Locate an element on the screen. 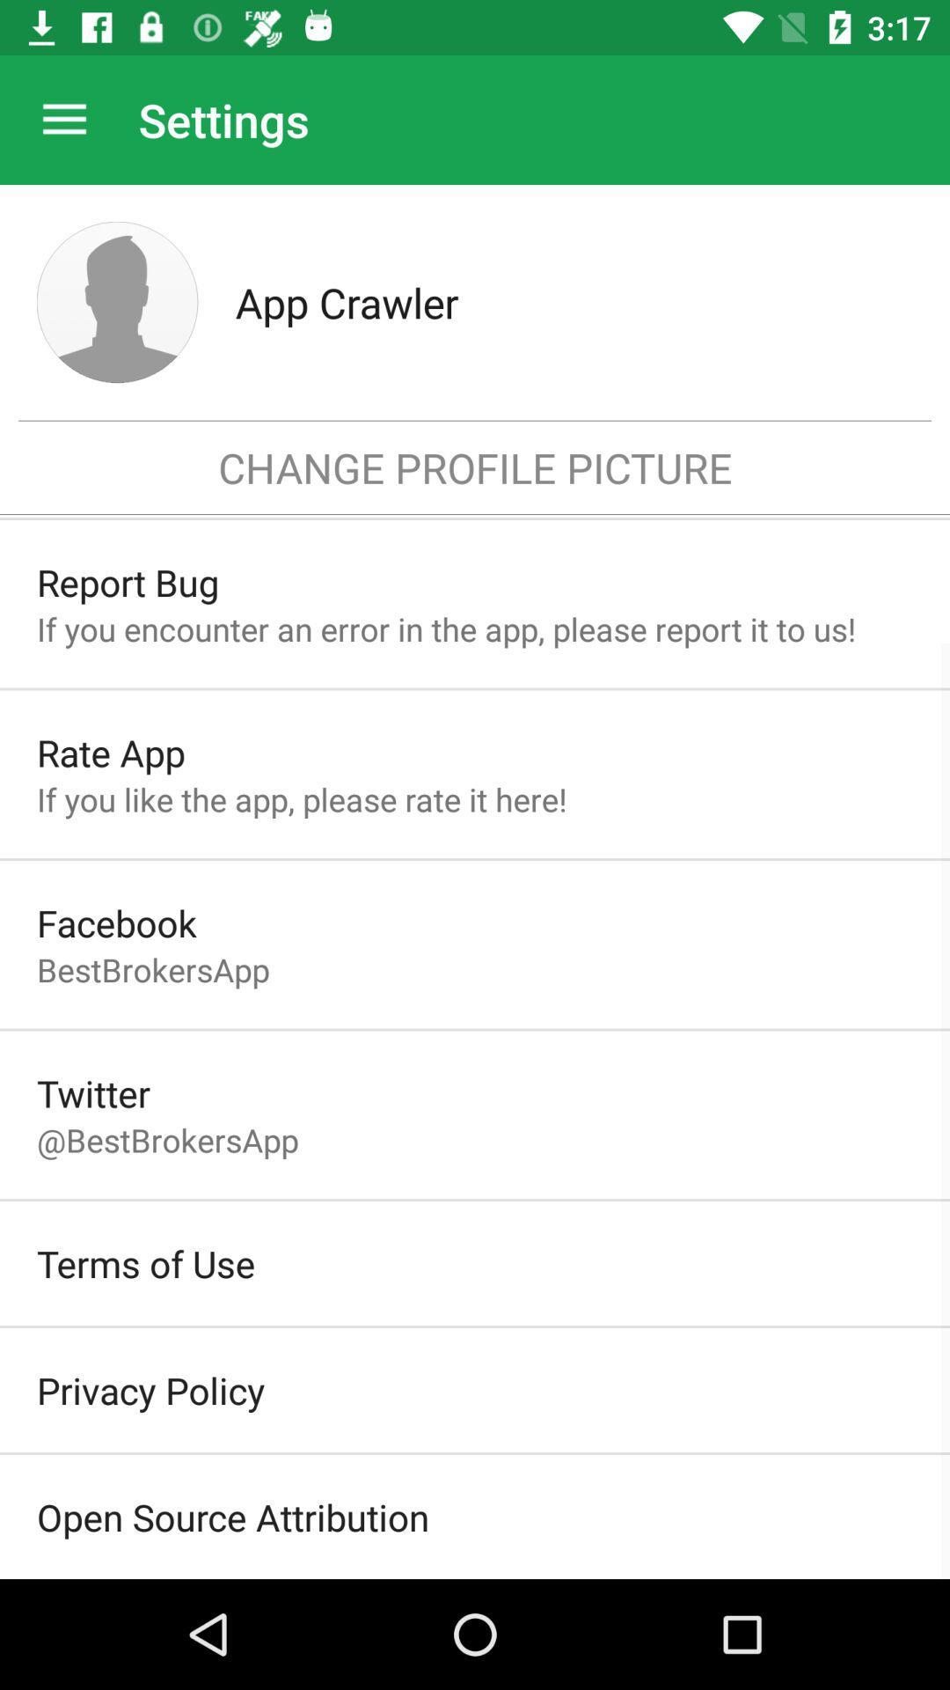 The height and width of the screenshot is (1690, 950). open source attribution item is located at coordinates (232, 1516).